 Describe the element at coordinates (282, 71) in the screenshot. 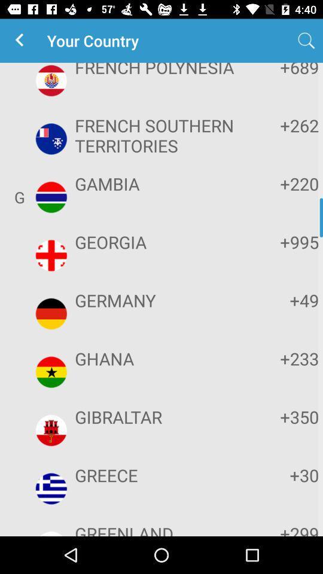

I see `the +689 item` at that location.